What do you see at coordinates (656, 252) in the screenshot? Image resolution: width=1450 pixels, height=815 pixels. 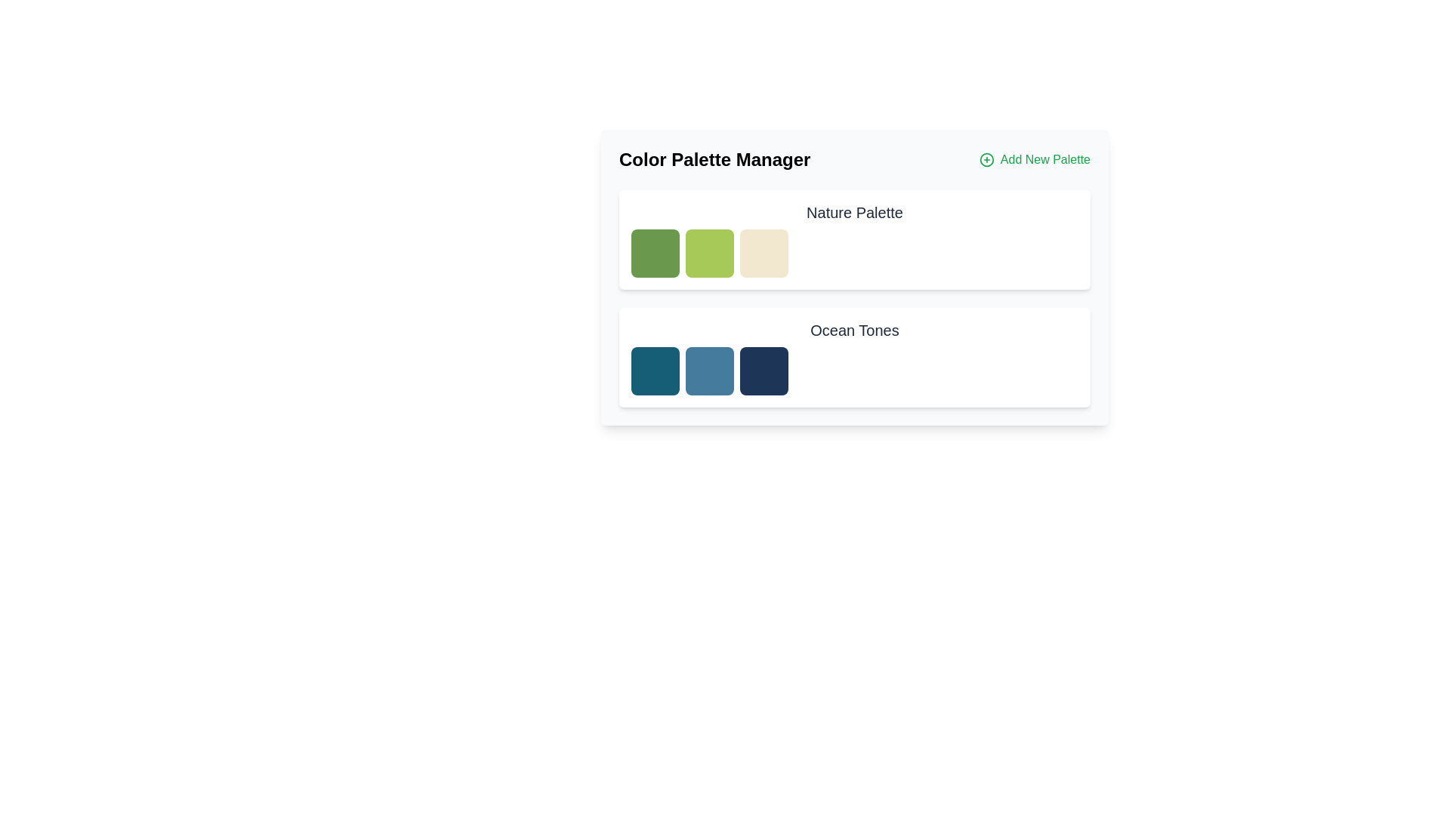 I see `the first color block in the 'Nature Palette' section, which represents a color option` at bounding box center [656, 252].